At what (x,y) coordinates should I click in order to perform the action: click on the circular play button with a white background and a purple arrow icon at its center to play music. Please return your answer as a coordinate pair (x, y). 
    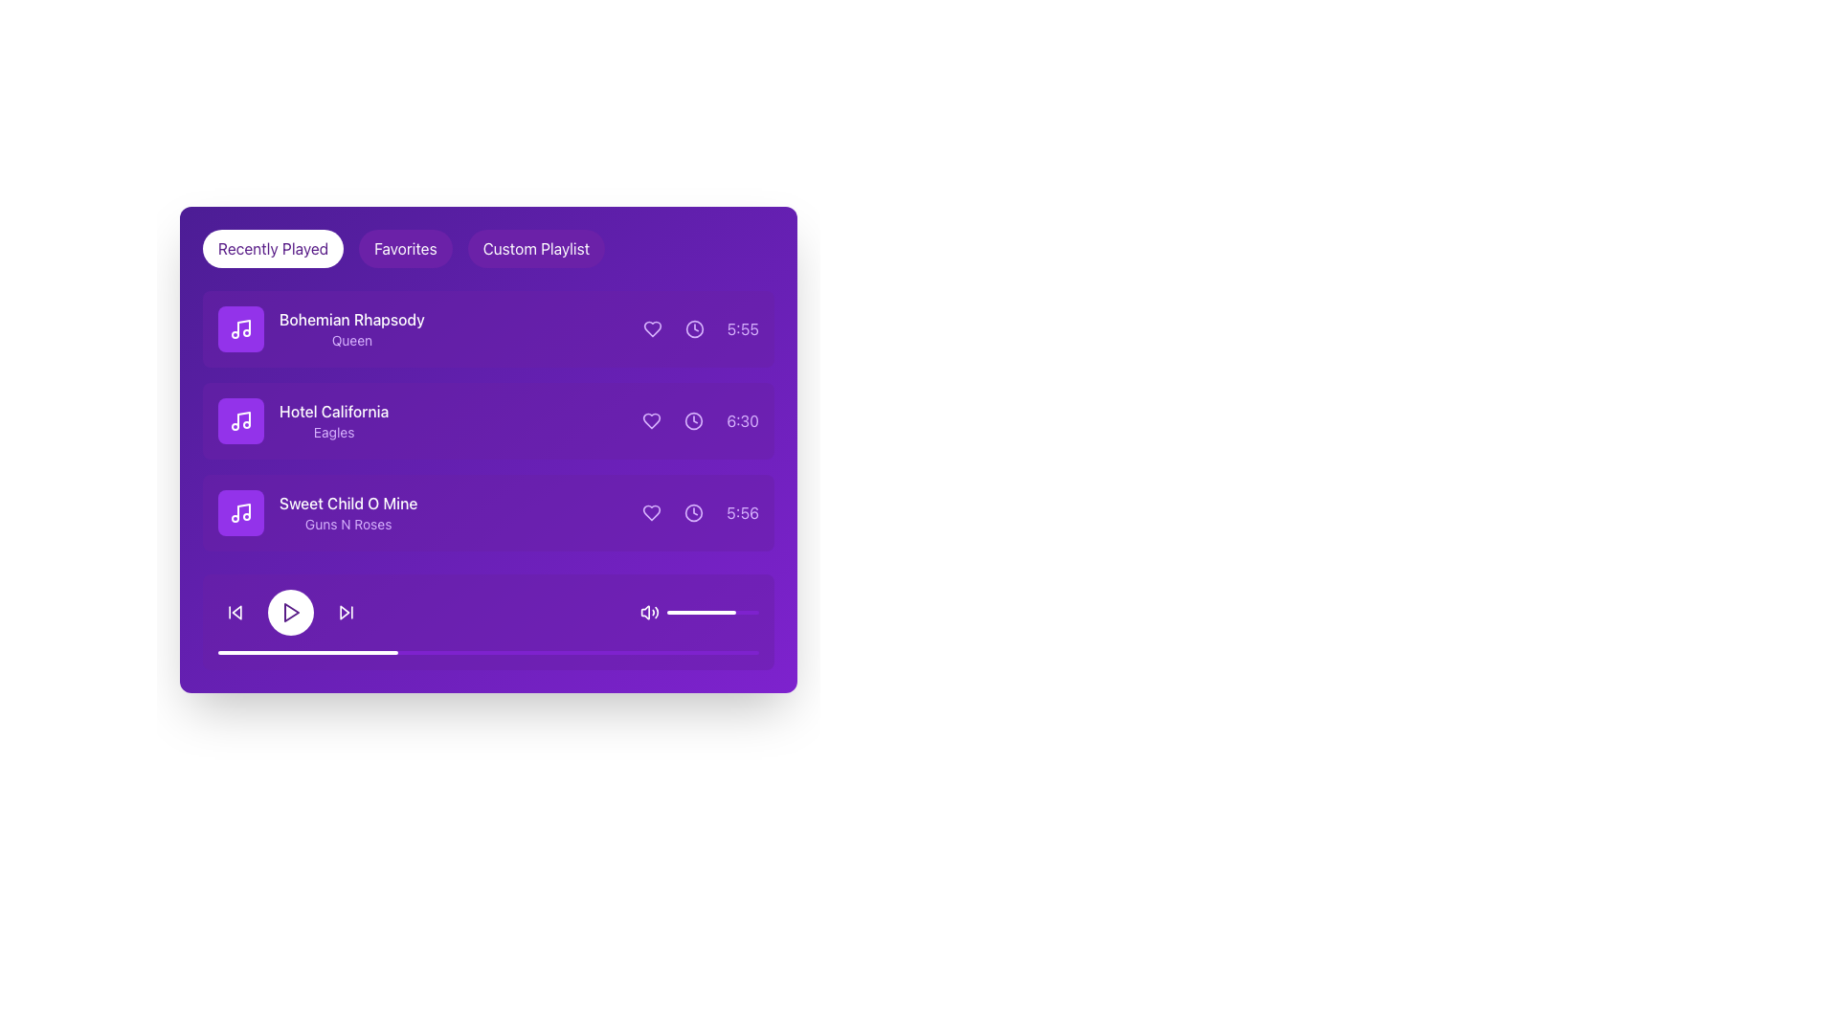
    Looking at the image, I should click on (289, 613).